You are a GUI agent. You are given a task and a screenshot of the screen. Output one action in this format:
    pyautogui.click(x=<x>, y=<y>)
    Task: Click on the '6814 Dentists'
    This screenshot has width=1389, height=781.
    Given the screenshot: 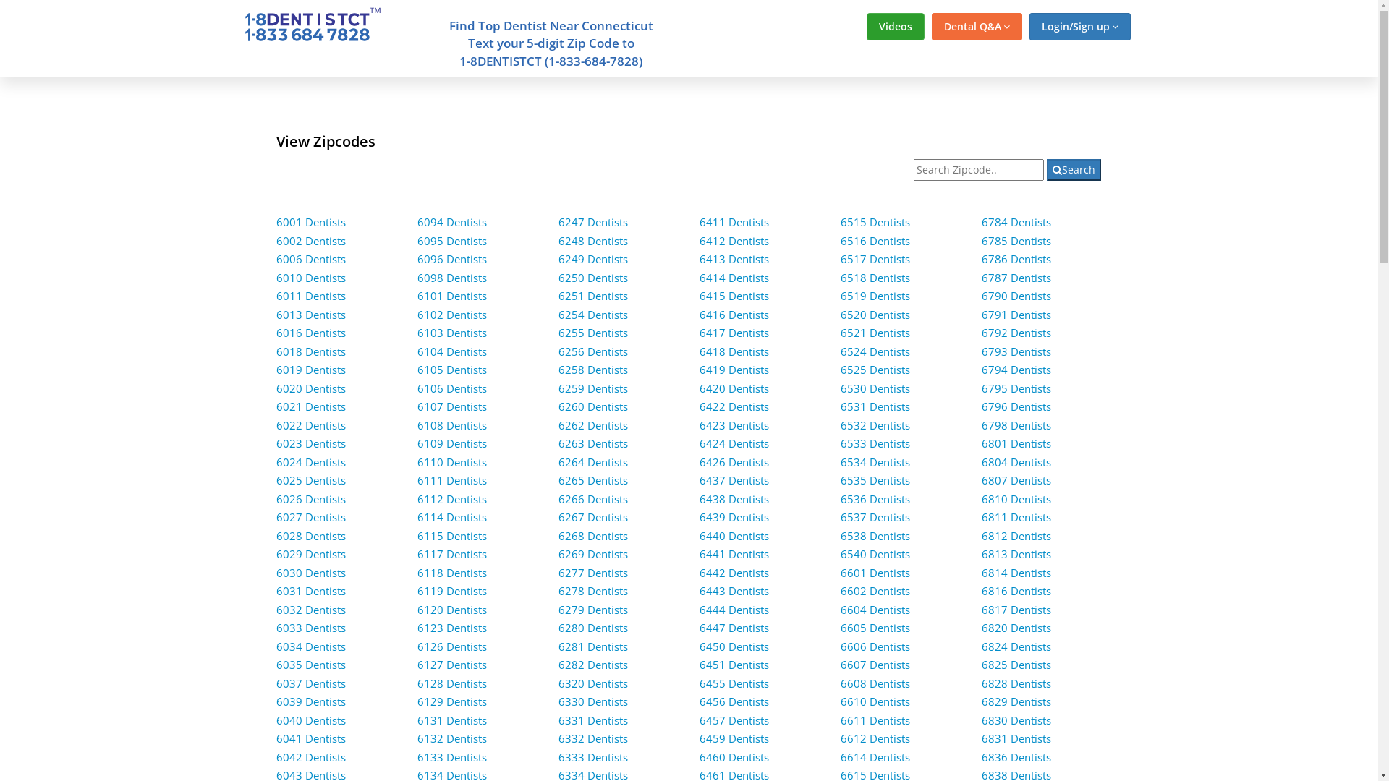 What is the action you would take?
    pyautogui.click(x=1016, y=571)
    